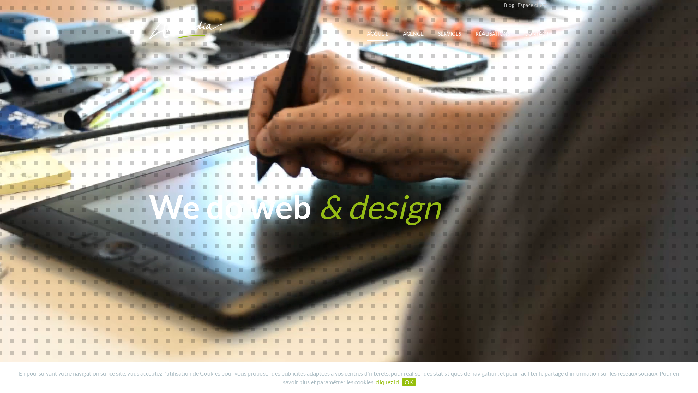  I want to click on 'ACCUEIL', so click(377, 35).